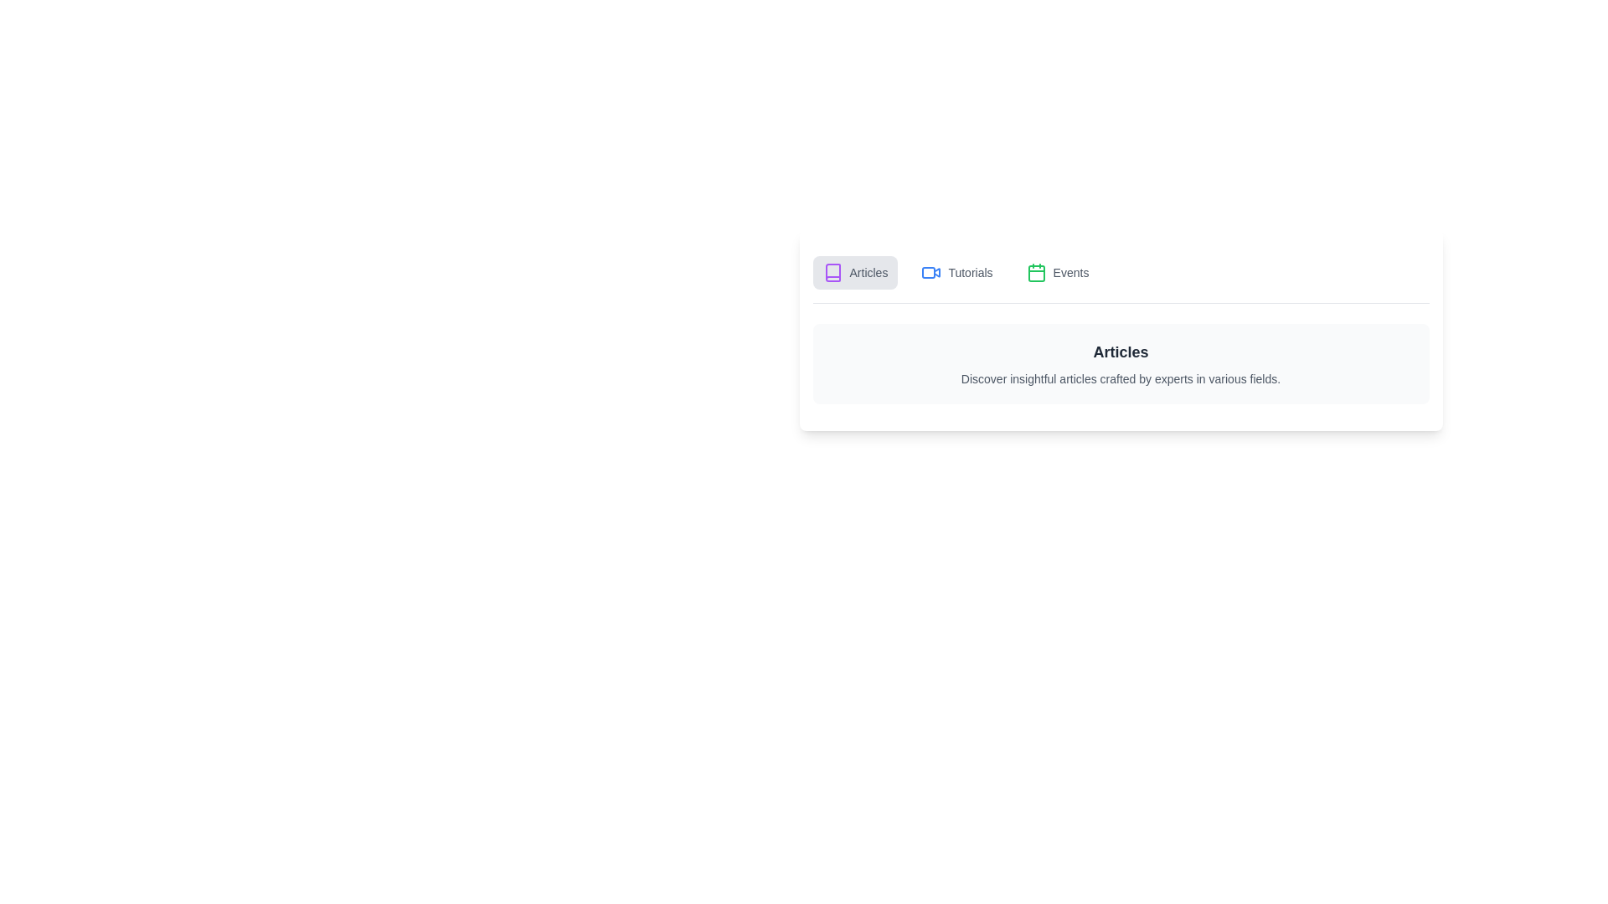 This screenshot has height=904, width=1608. I want to click on the tab corresponding to Events, so click(1056, 272).